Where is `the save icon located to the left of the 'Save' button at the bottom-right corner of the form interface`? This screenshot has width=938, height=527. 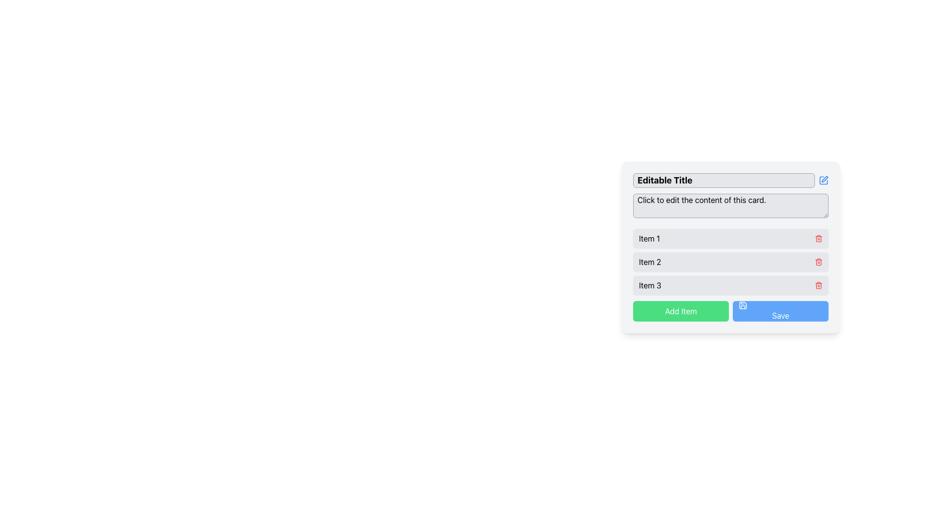 the save icon located to the left of the 'Save' button at the bottom-right corner of the form interface is located at coordinates (743, 304).